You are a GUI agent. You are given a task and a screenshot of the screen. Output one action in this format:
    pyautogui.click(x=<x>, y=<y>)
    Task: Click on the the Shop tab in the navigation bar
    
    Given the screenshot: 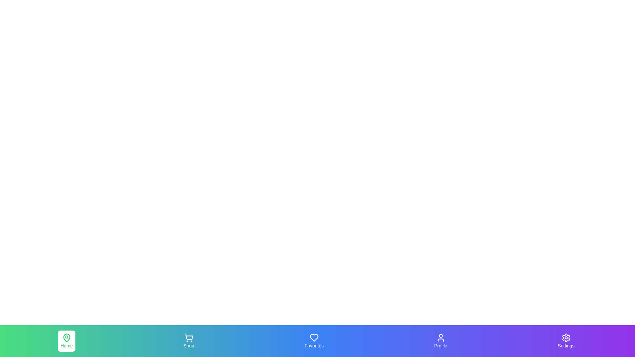 What is the action you would take?
    pyautogui.click(x=188, y=341)
    